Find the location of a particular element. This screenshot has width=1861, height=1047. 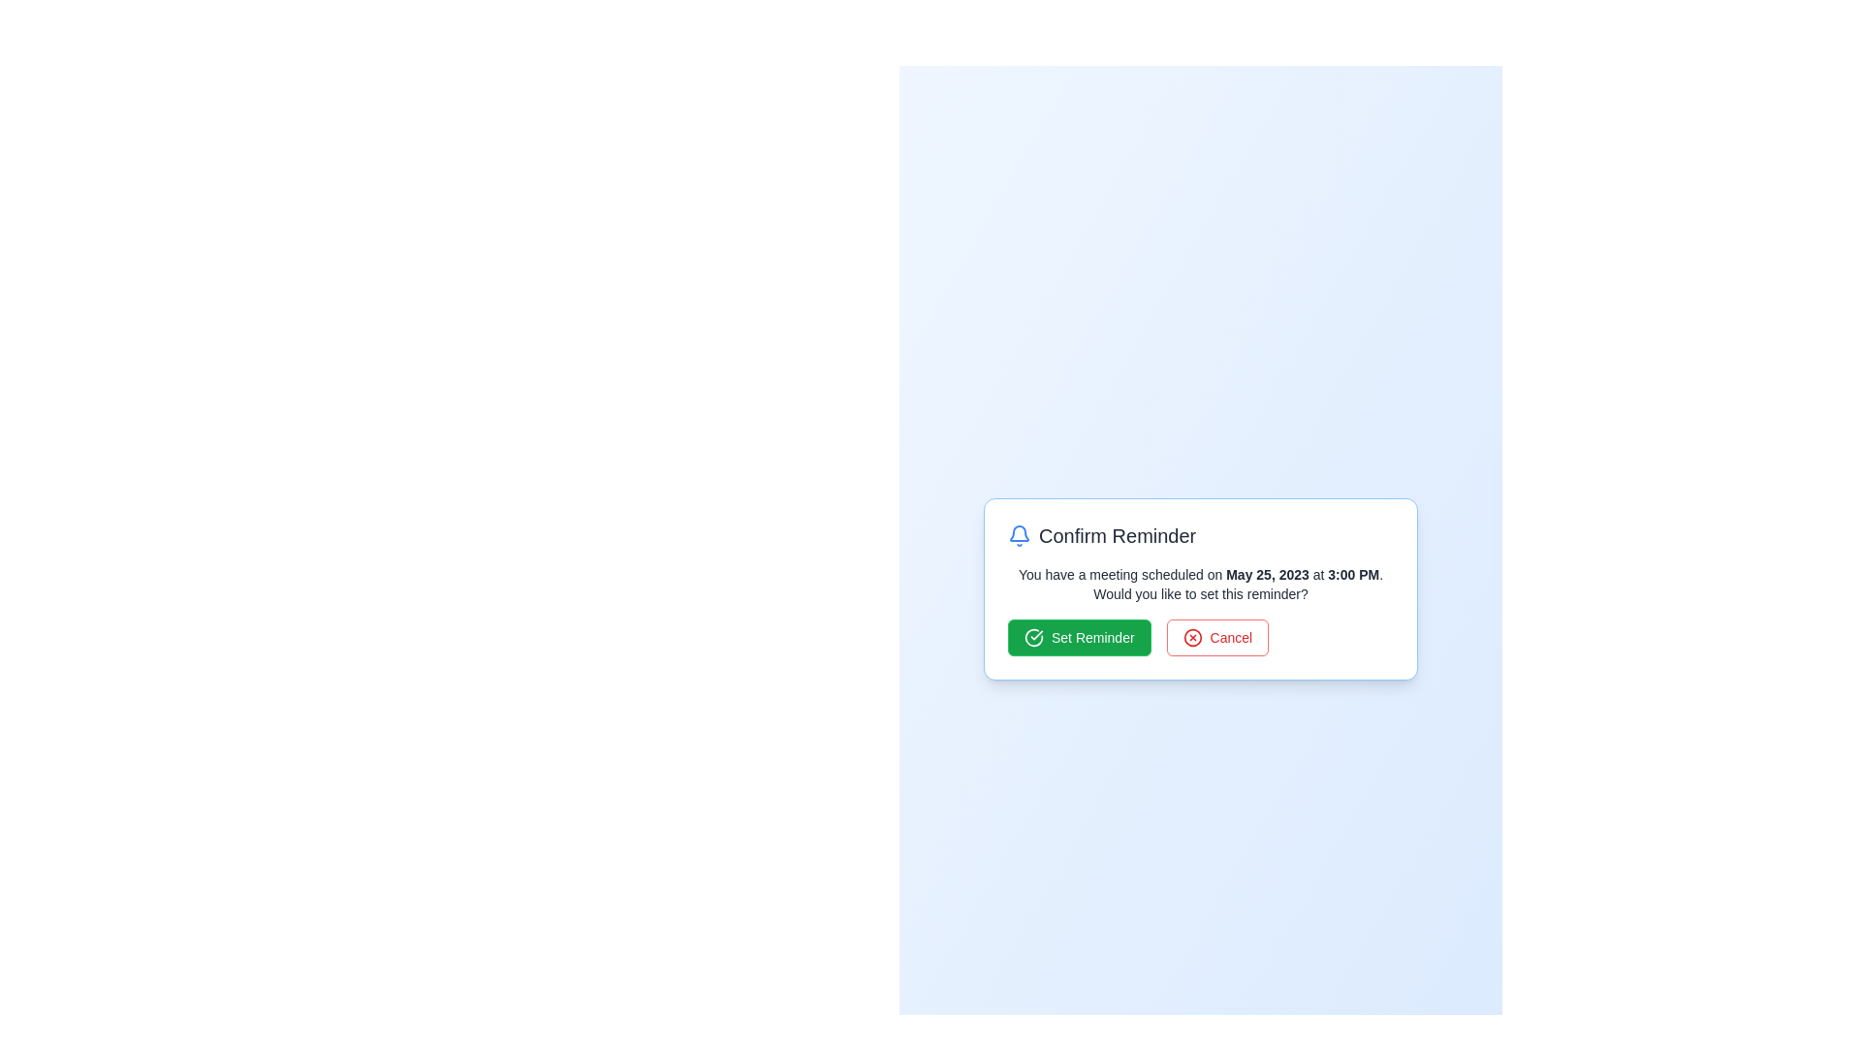

the 'Set Reminder' button located at the bottom-center of the pop-up dialog box to set a reminder is located at coordinates (1078, 638).